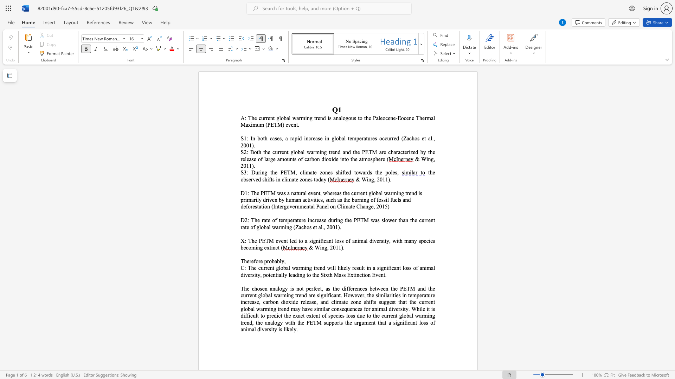  What do you see at coordinates (255, 179) in the screenshot?
I see `the subset text "ed shi" within the text "the observed shifts in climate zones today ("` at bounding box center [255, 179].